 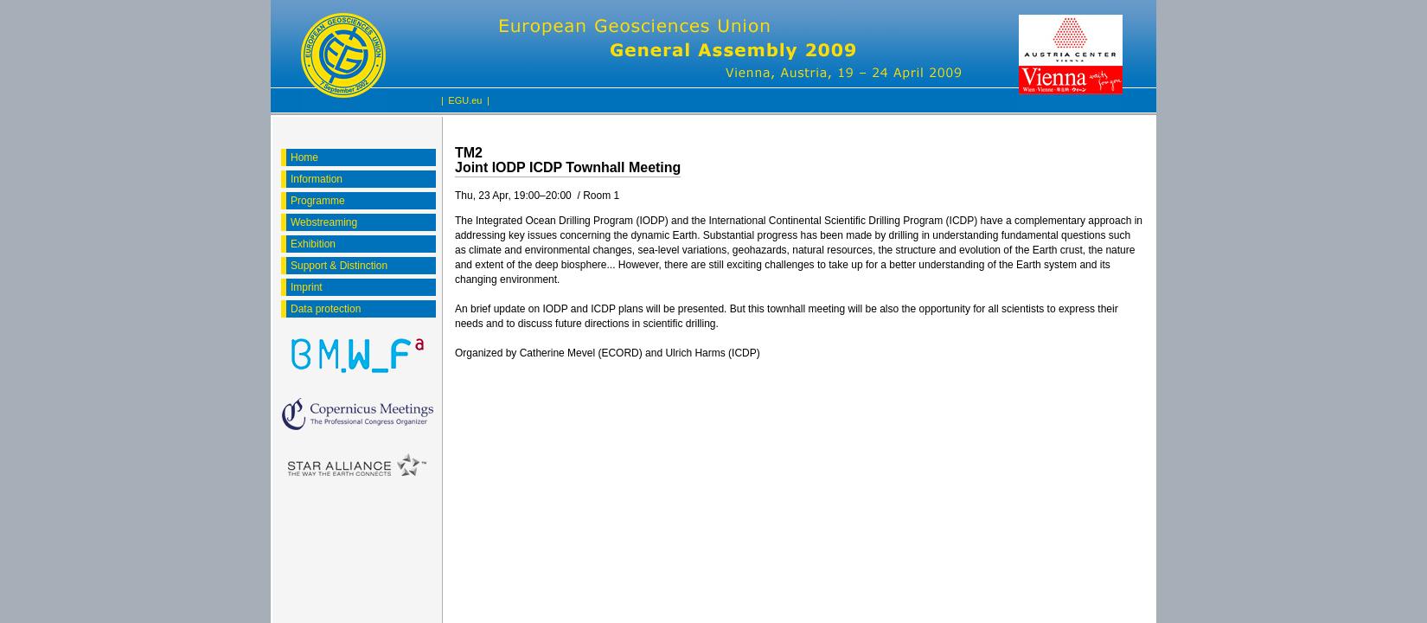 I want to click on 'Home', so click(x=304, y=157).